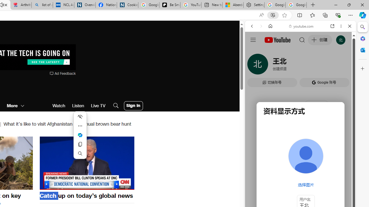 Image resolution: width=369 pixels, height=207 pixels. What do you see at coordinates (80, 135) in the screenshot?
I see `'Mini menu on text selection'` at bounding box center [80, 135].